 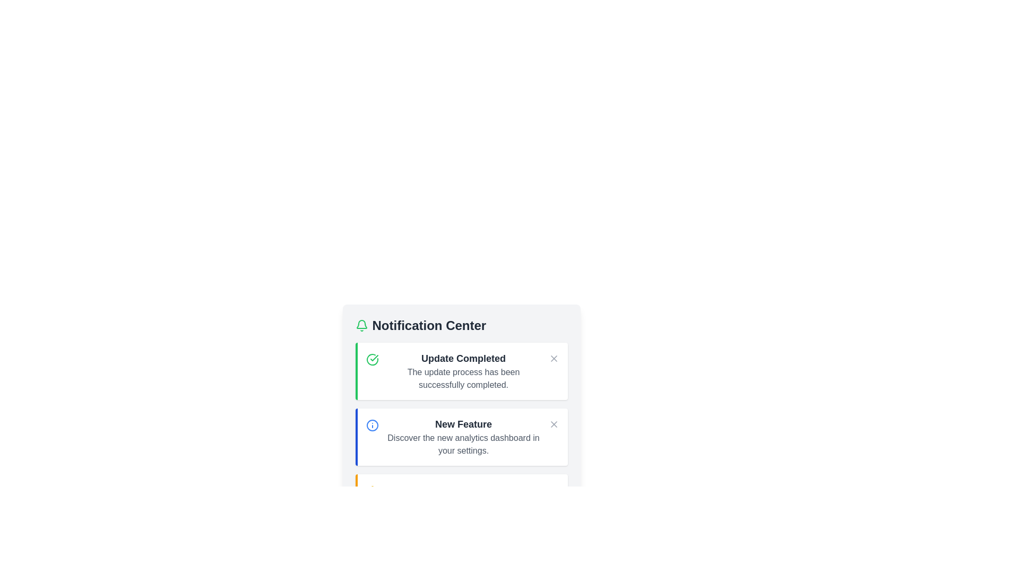 What do you see at coordinates (361, 325) in the screenshot?
I see `the bell-shaped notification icon with a green outline, located to the left of the 'Notification Center' text` at bounding box center [361, 325].